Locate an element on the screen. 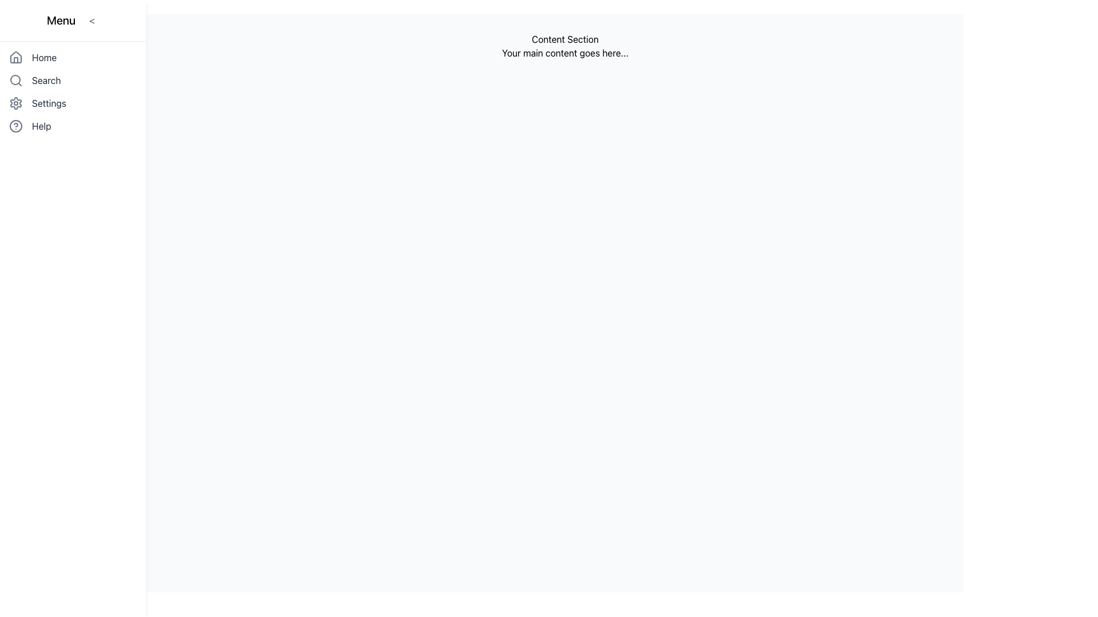  the 'Settings' text label in the navigation menu, which is the third entry under 'Menu' and is located to the right of a gear icon is located at coordinates (49, 103).